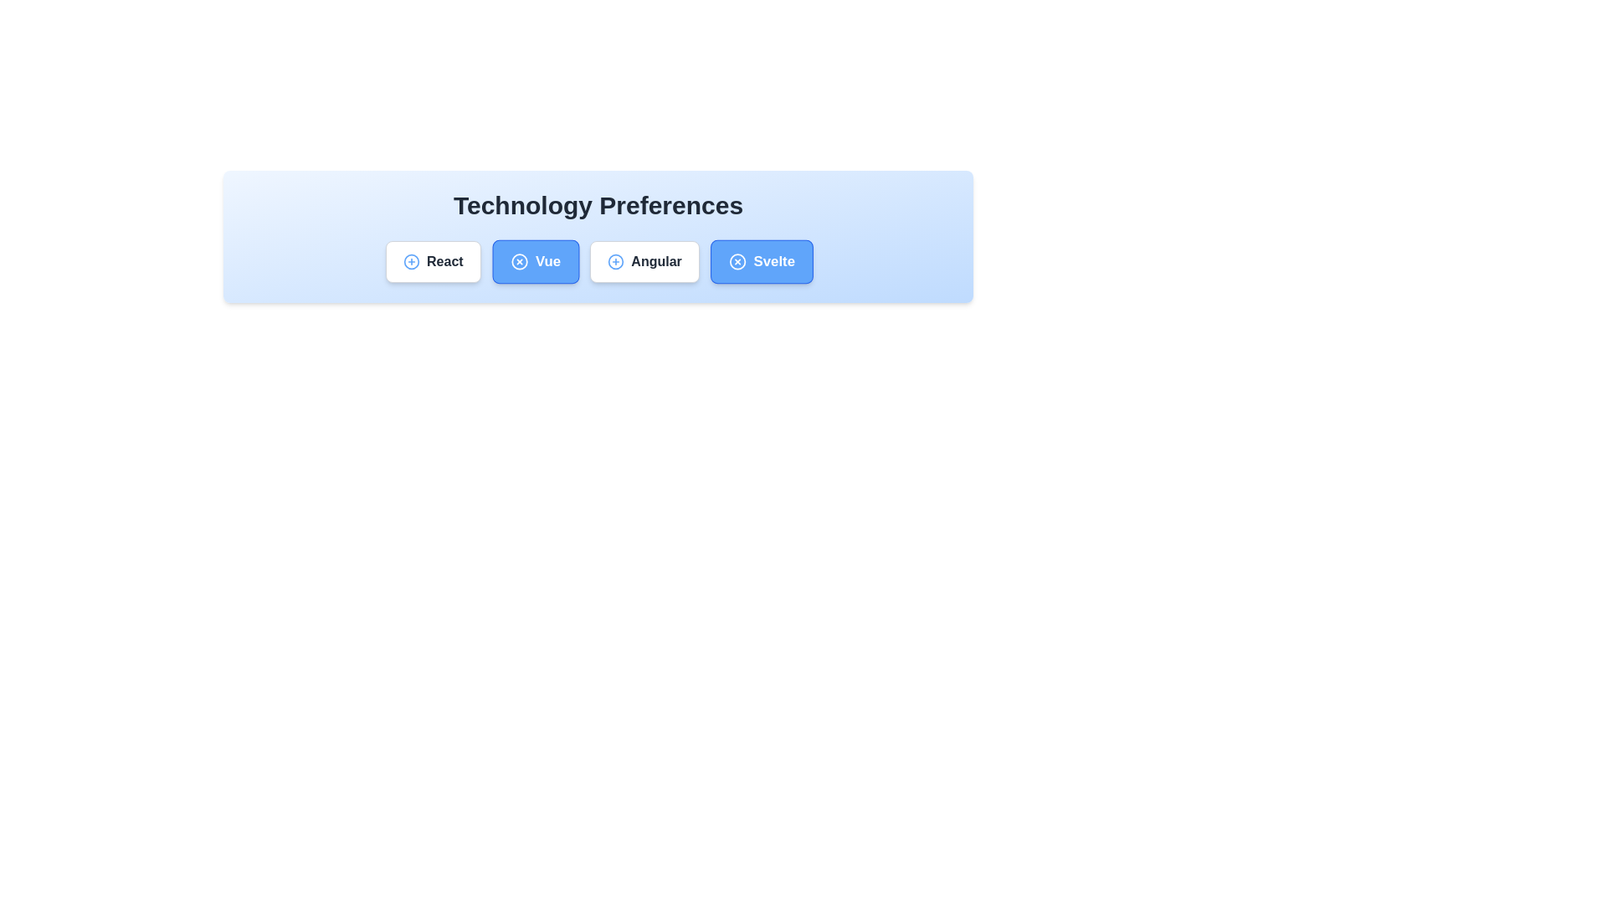  What do you see at coordinates (598, 205) in the screenshot?
I see `the 'Technology Preferences' header to inspect its text` at bounding box center [598, 205].